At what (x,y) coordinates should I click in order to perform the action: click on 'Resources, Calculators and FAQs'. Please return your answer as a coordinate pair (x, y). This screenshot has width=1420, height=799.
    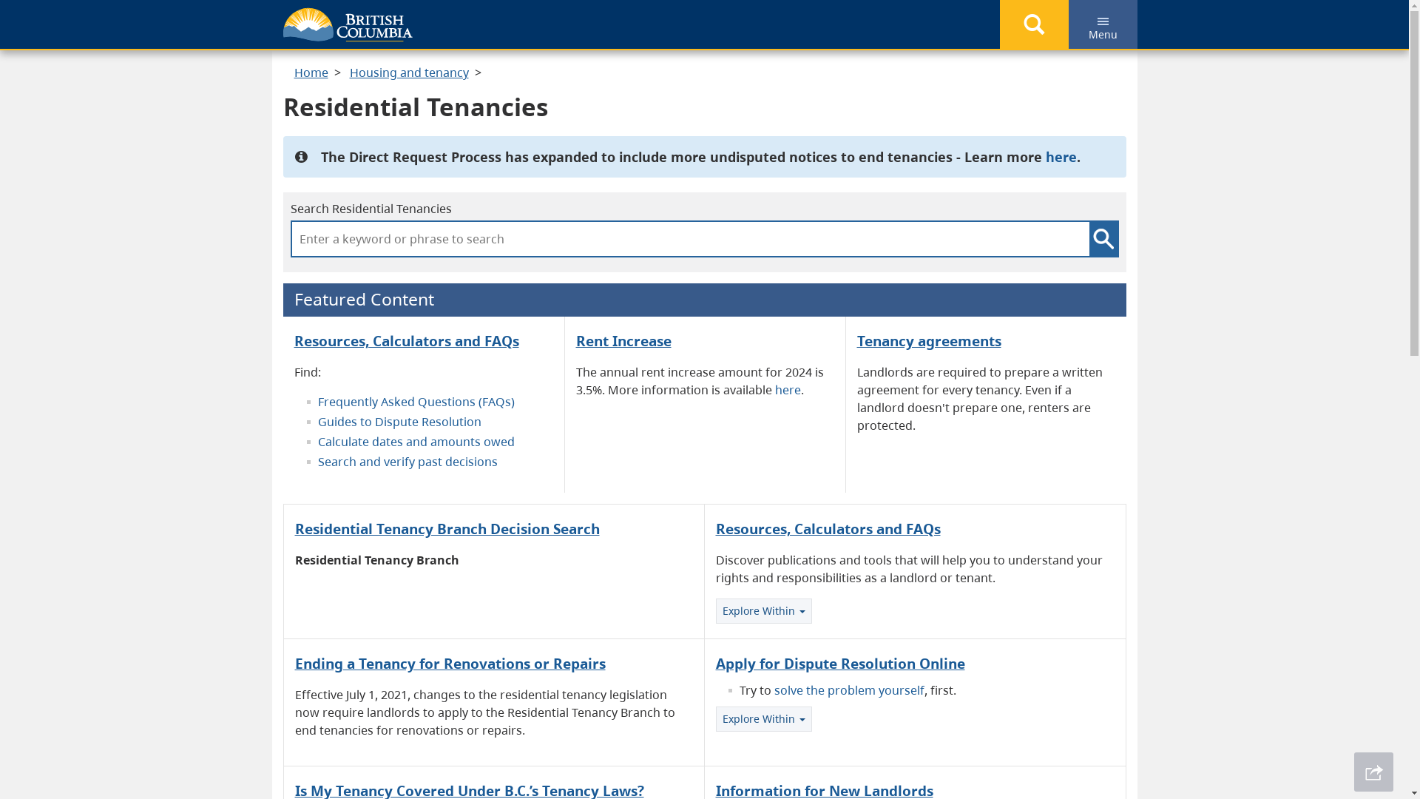
    Looking at the image, I should click on (294, 340).